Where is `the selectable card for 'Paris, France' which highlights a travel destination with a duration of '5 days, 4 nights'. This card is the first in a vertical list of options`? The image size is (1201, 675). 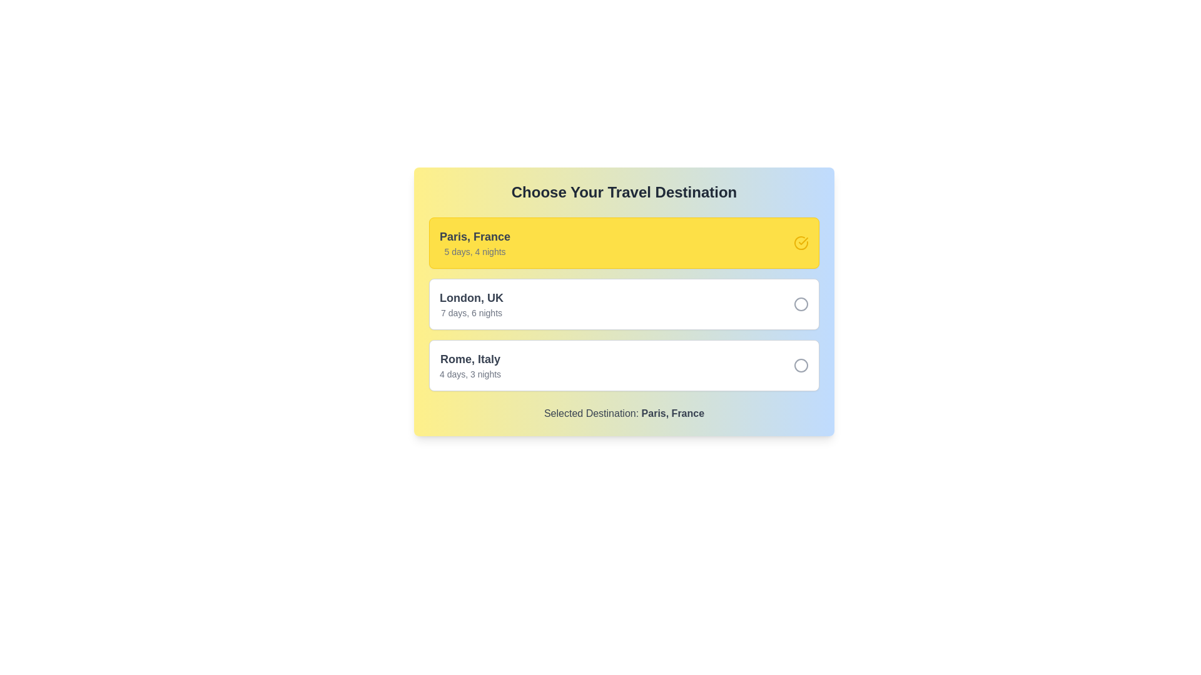
the selectable card for 'Paris, France' which highlights a travel destination with a duration of '5 days, 4 nights'. This card is the first in a vertical list of options is located at coordinates (624, 243).